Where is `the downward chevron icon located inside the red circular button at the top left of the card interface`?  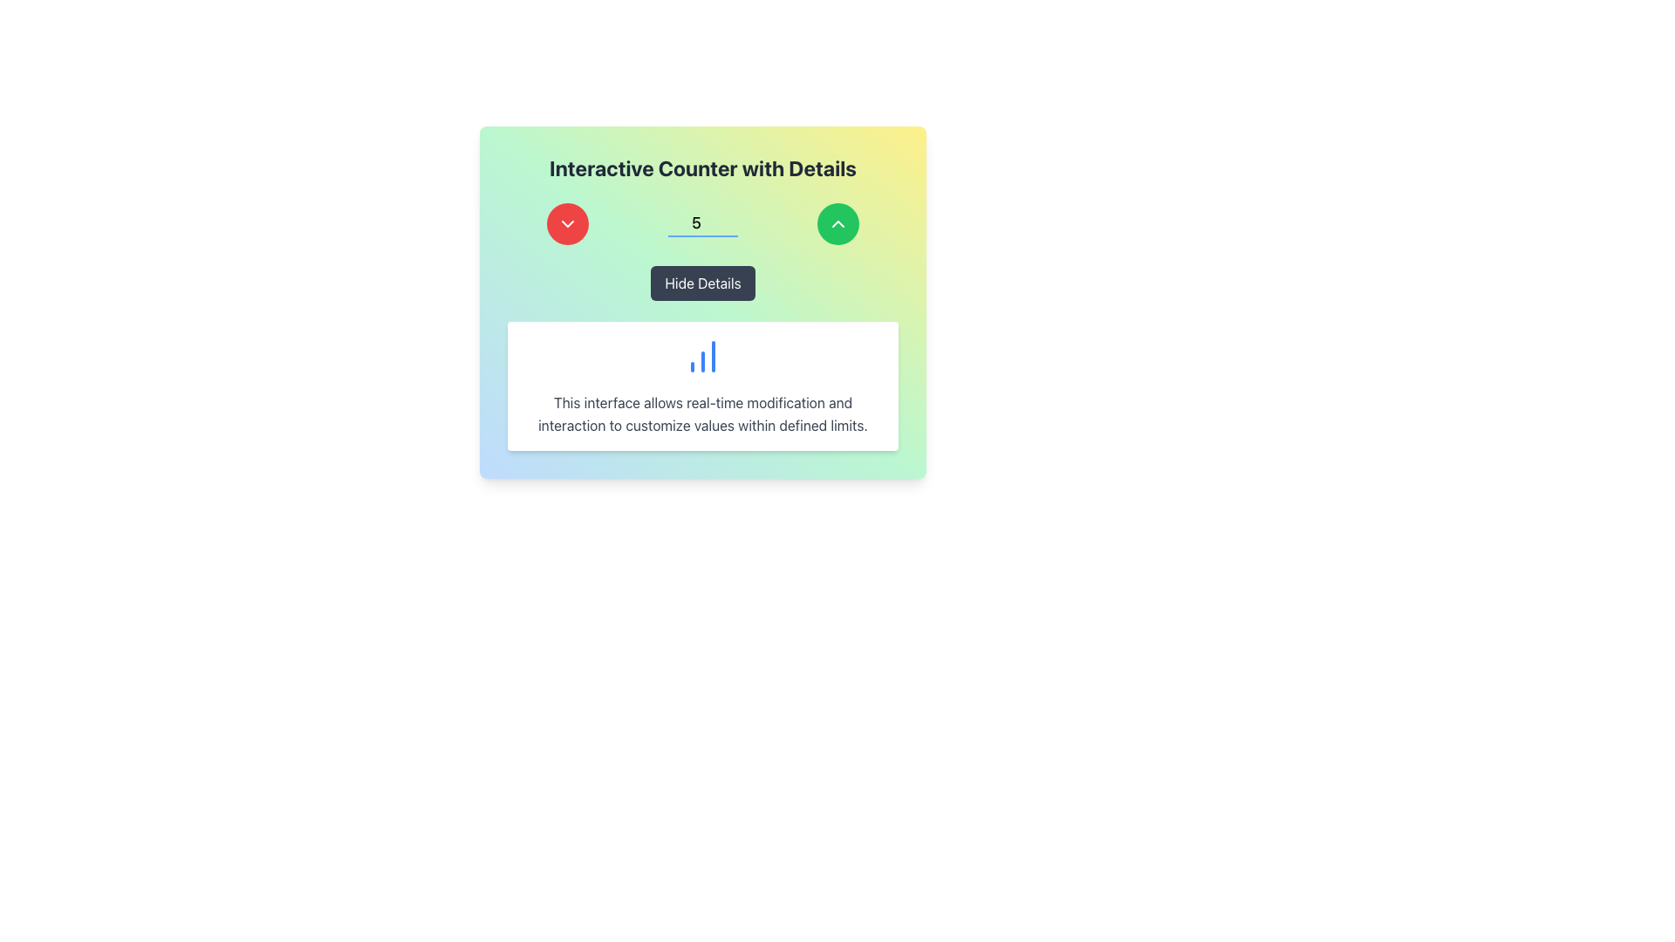
the downward chevron icon located inside the red circular button at the top left of the card interface is located at coordinates (568, 223).